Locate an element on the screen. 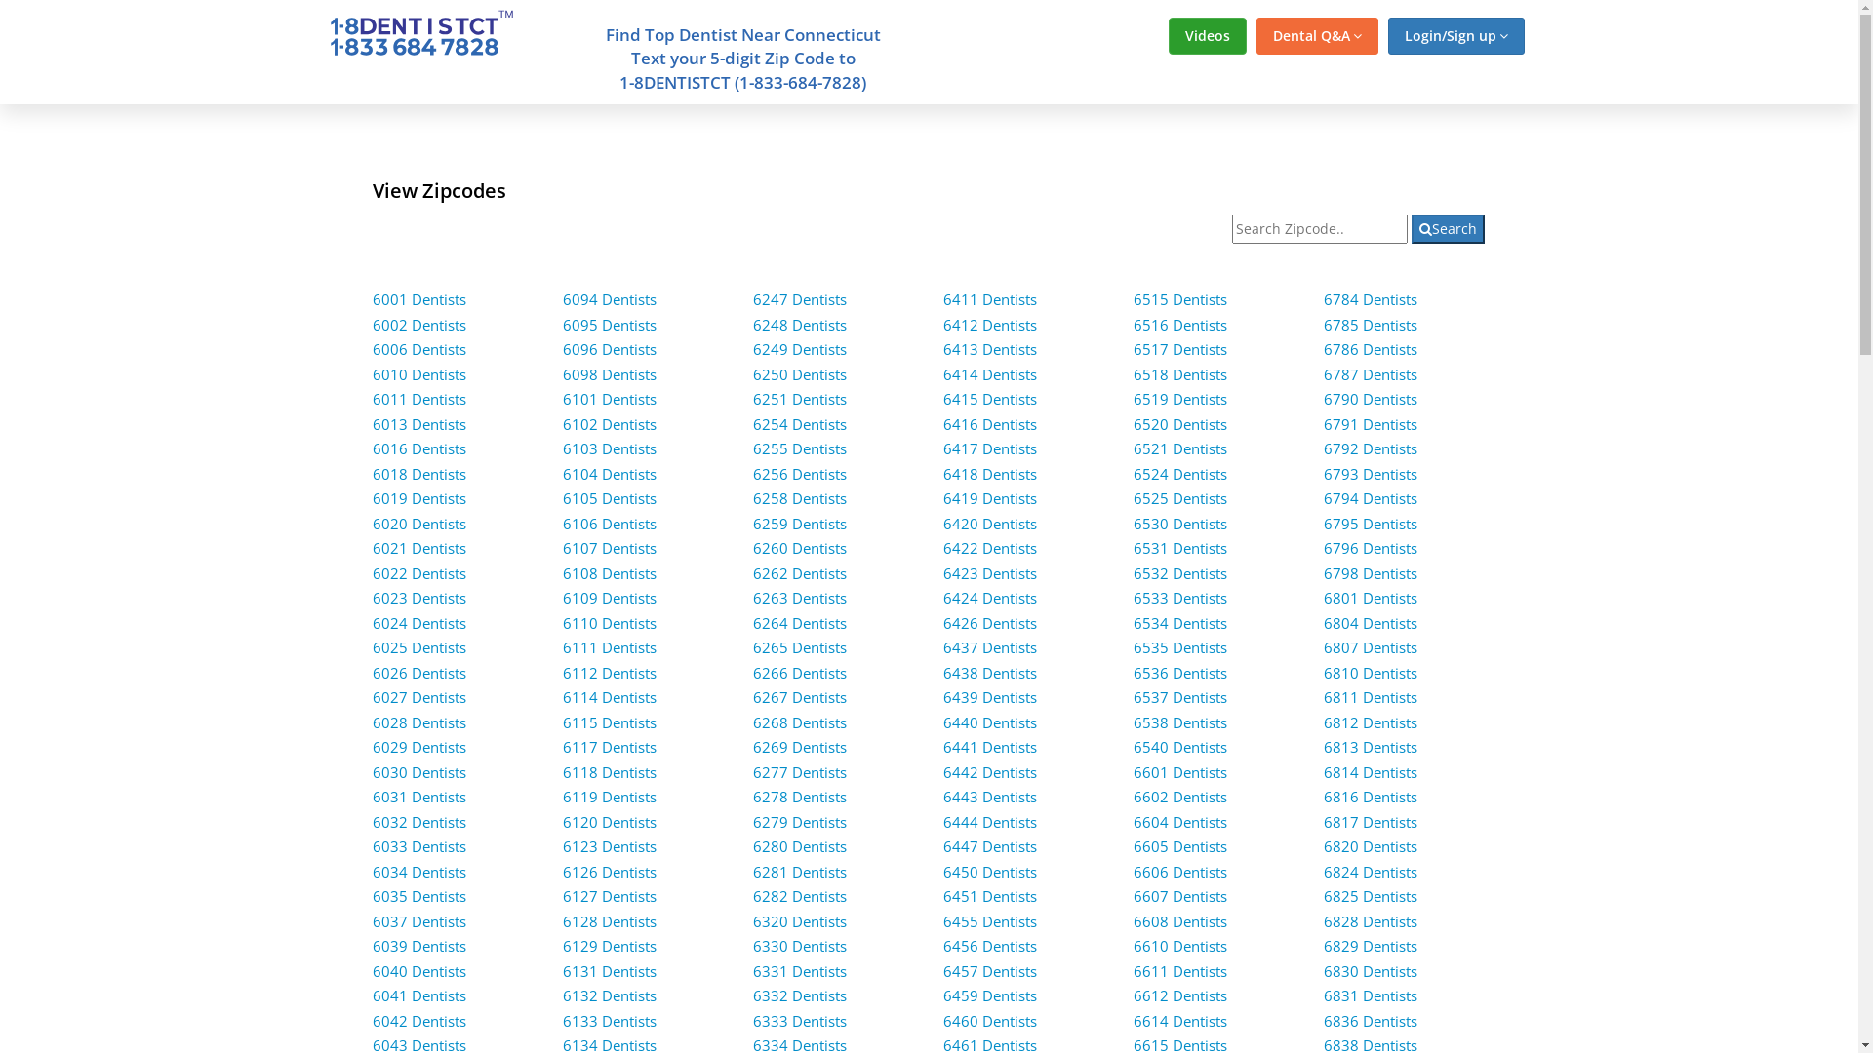 The height and width of the screenshot is (1053, 1873). '6791 Dentists' is located at coordinates (1370, 423).